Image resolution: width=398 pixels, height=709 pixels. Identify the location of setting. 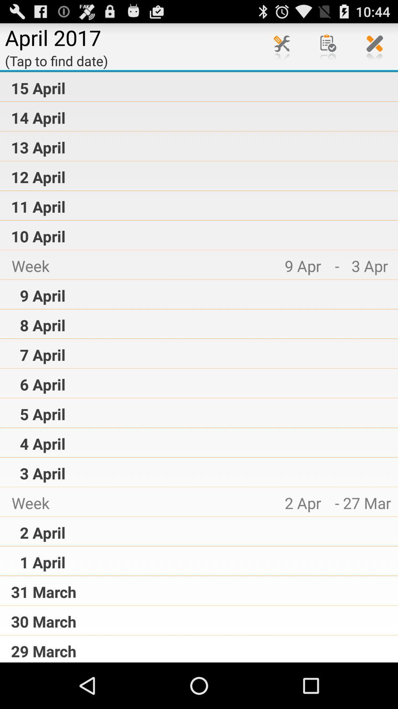
(282, 46).